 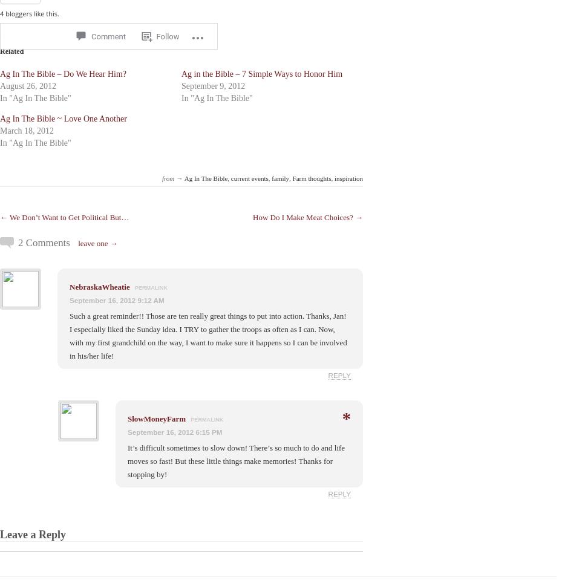 What do you see at coordinates (116, 300) in the screenshot?
I see `'September 16, 2012 9:12 AM'` at bounding box center [116, 300].